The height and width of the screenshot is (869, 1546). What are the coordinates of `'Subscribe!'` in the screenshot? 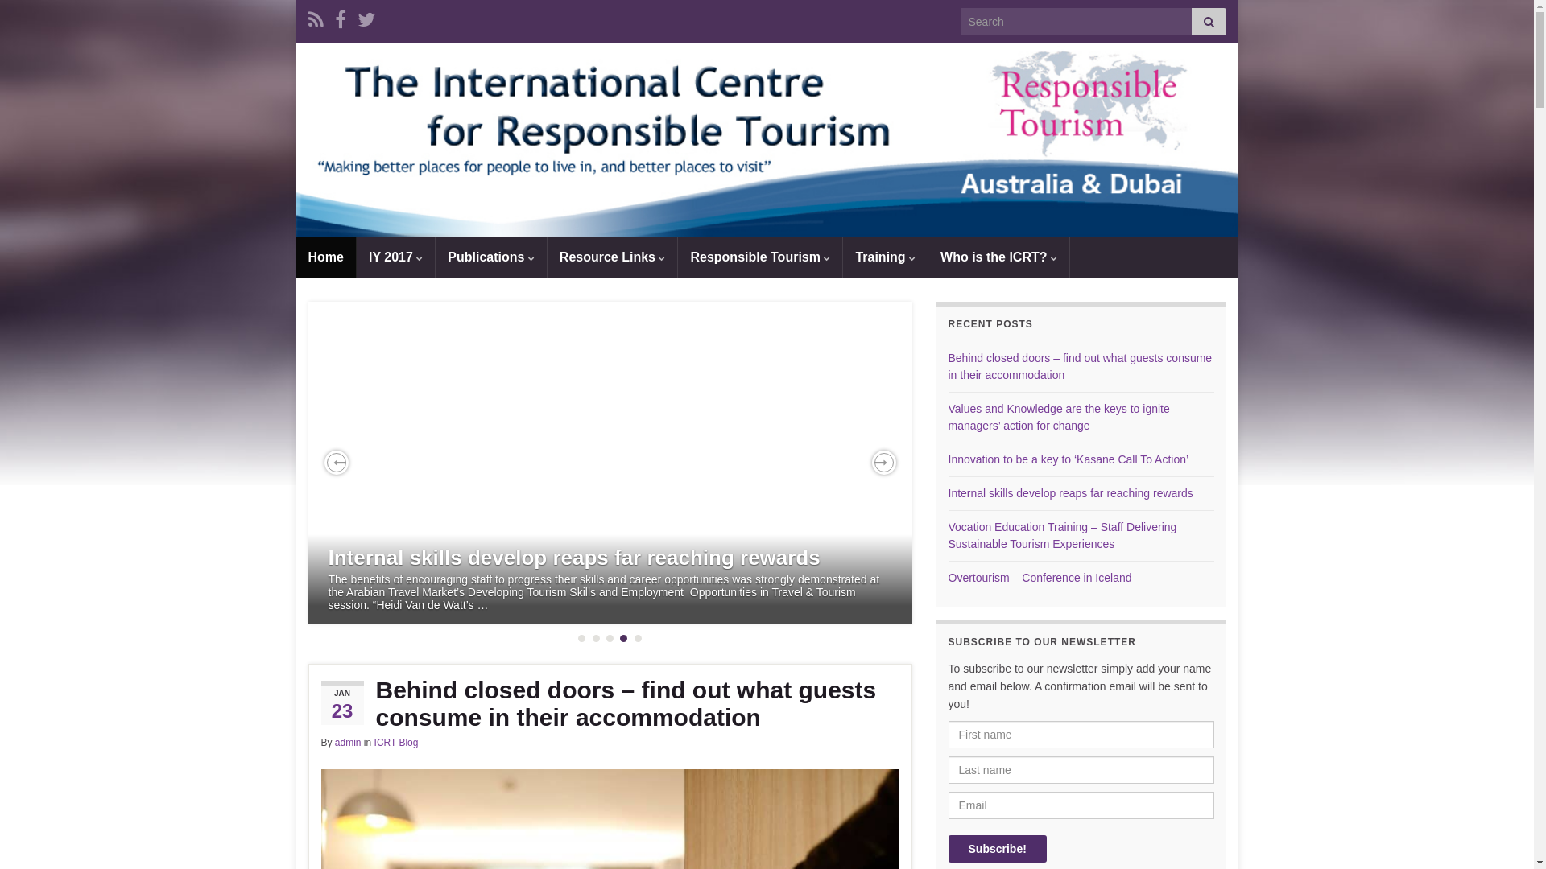 It's located at (996, 848).